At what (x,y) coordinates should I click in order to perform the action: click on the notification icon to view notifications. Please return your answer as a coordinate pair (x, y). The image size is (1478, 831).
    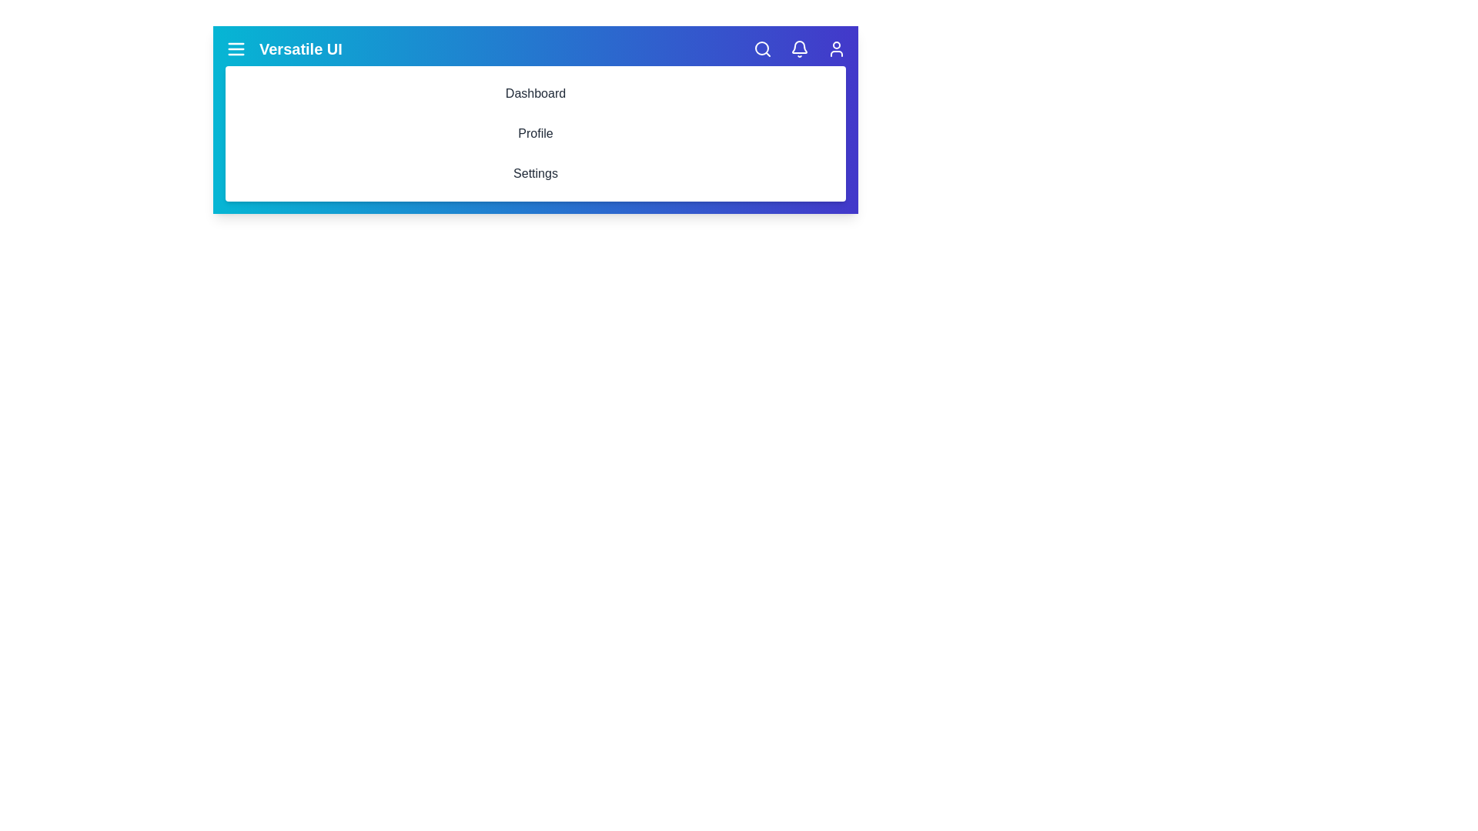
    Looking at the image, I should click on (799, 48).